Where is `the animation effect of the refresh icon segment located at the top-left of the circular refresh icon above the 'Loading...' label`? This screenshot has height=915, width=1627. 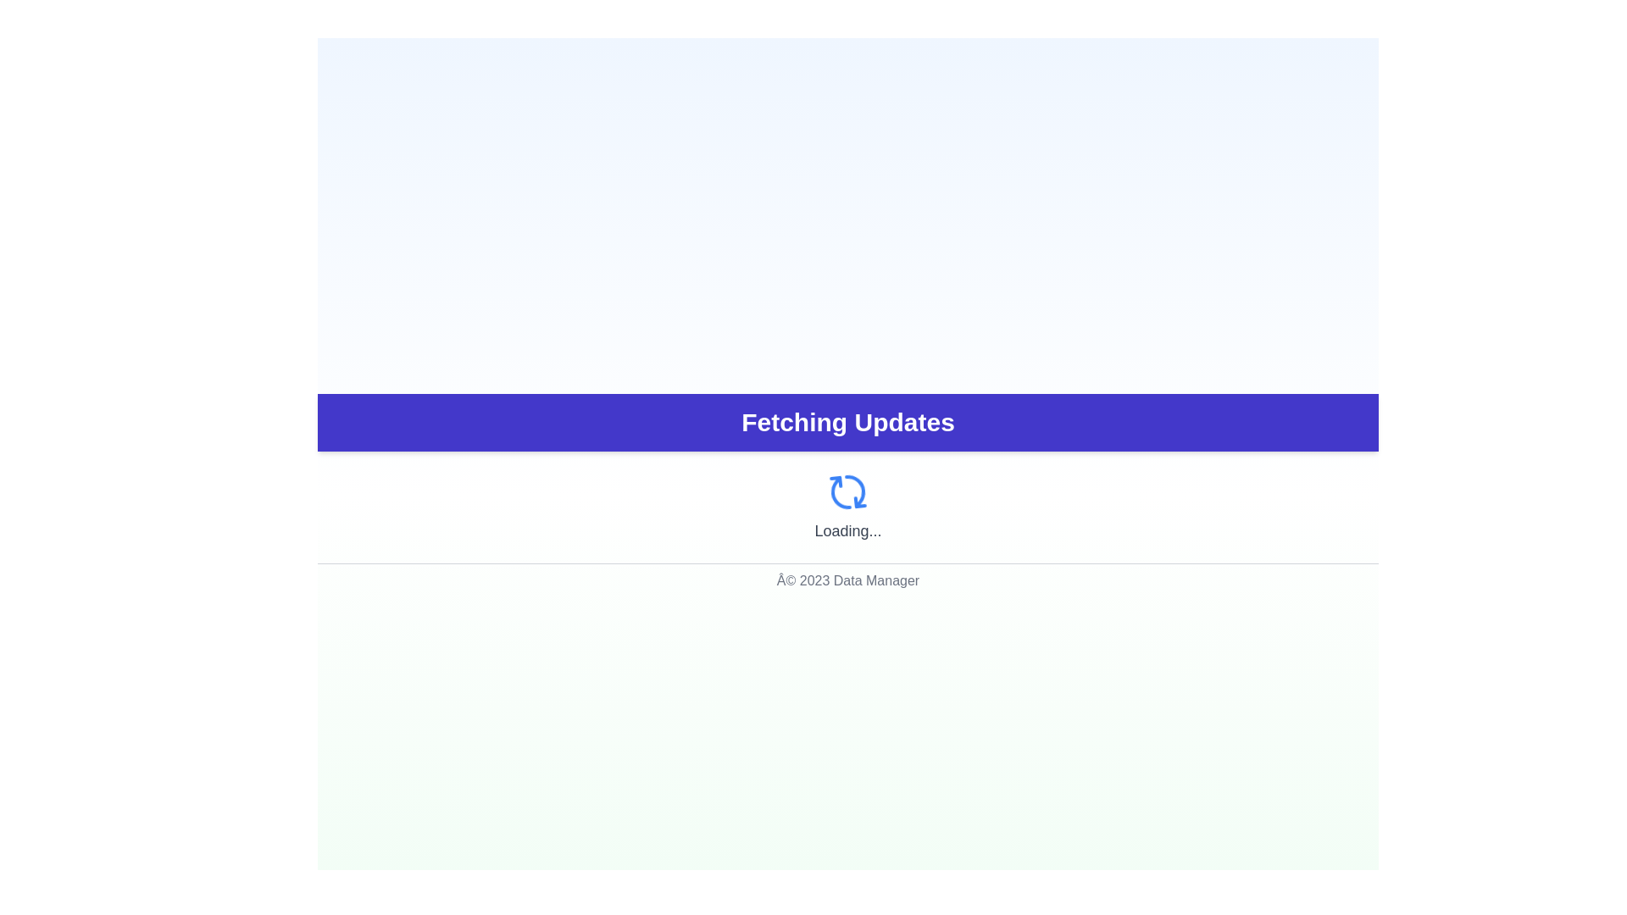
the animation effect of the refresh icon segment located at the top-left of the circular refresh icon above the 'Loading...' label is located at coordinates (851, 497).